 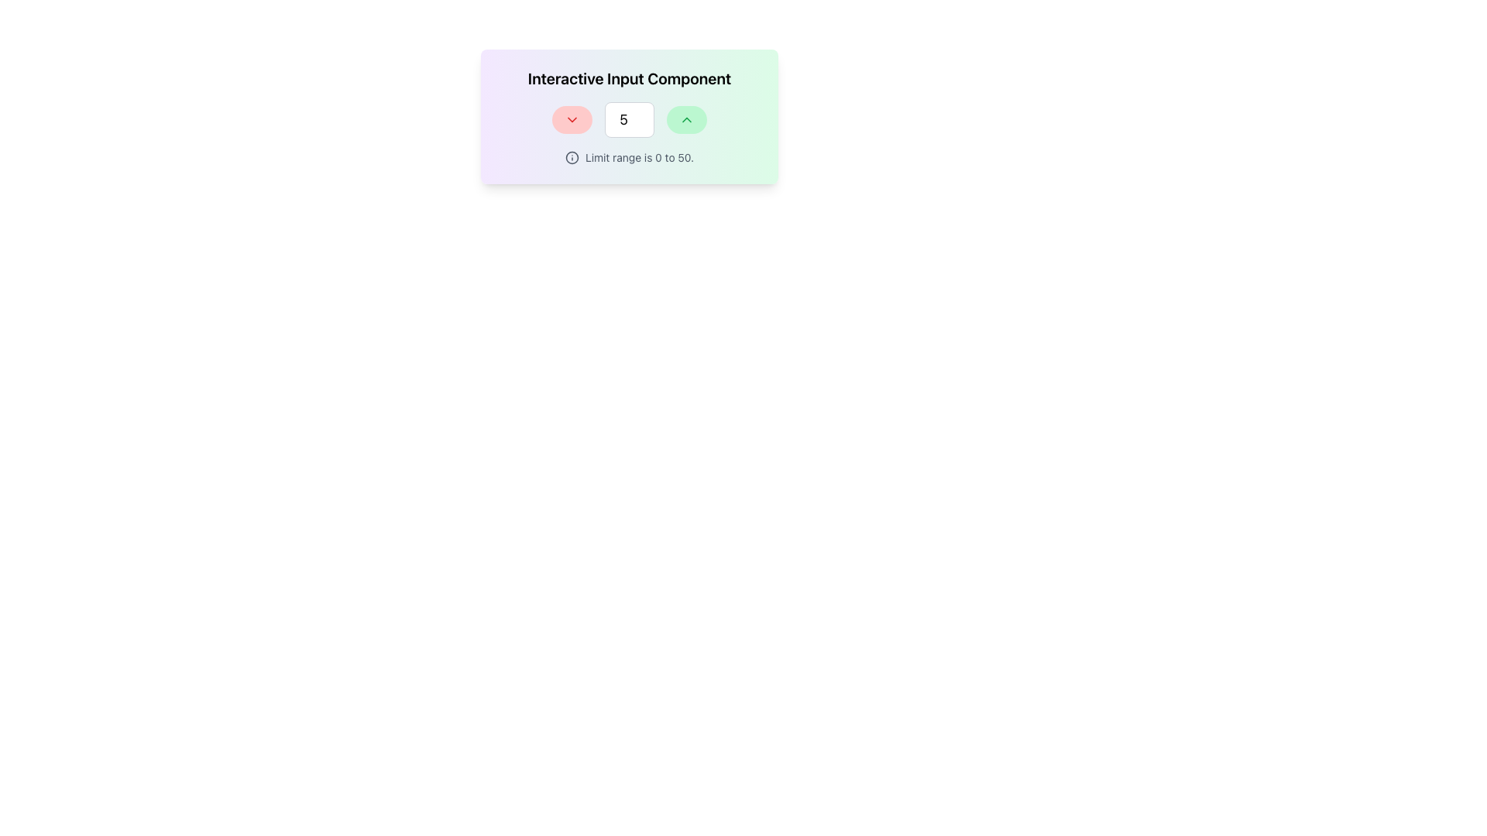 What do you see at coordinates (686, 118) in the screenshot?
I see `the green circular button with an upward arrow icon located at the rightmost position in the row of controls` at bounding box center [686, 118].